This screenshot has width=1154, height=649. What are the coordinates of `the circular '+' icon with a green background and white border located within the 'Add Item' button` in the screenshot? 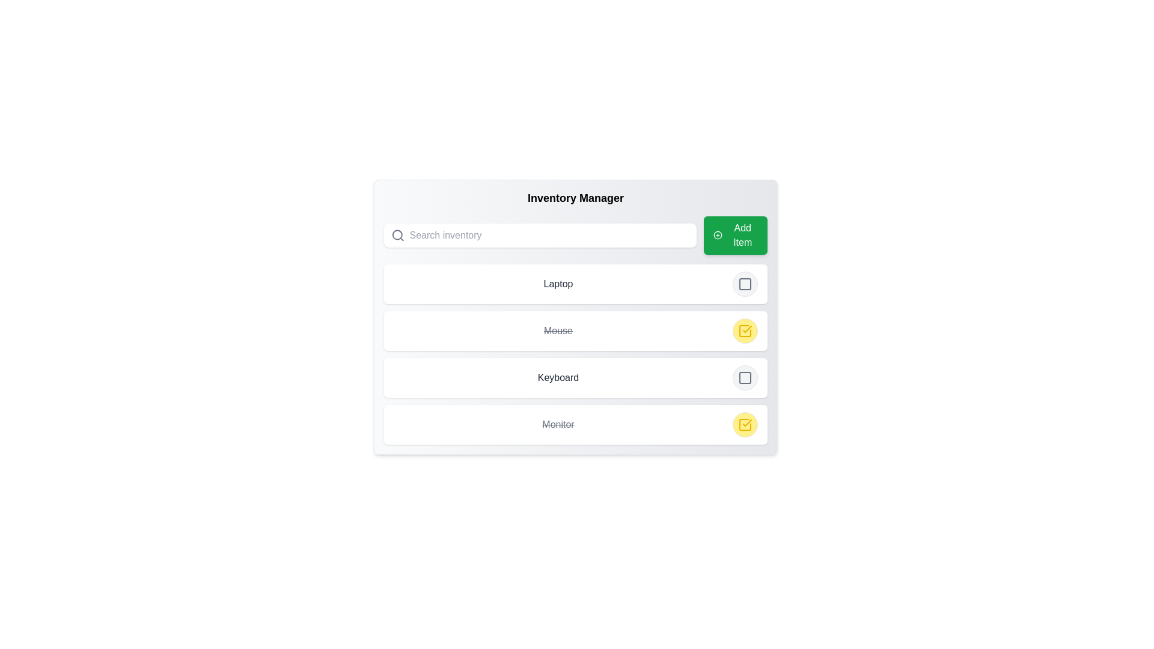 It's located at (718, 236).